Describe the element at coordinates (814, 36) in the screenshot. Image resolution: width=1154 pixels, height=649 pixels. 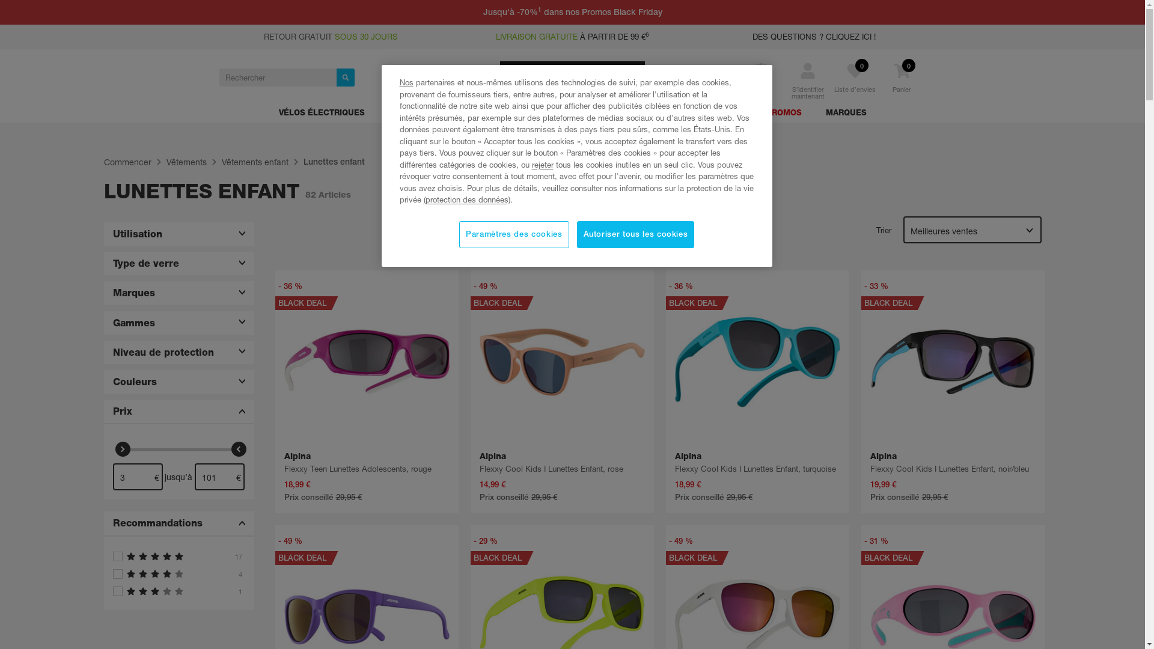
I see `'DES QUESTIONS ? CLIQUEZ ICI !'` at that location.